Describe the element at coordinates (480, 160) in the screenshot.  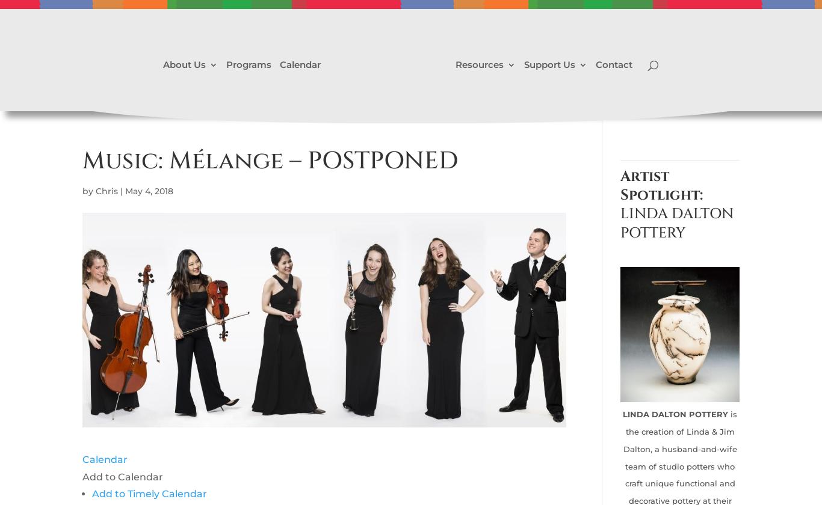
I see `'Exhibit Your Art'` at that location.